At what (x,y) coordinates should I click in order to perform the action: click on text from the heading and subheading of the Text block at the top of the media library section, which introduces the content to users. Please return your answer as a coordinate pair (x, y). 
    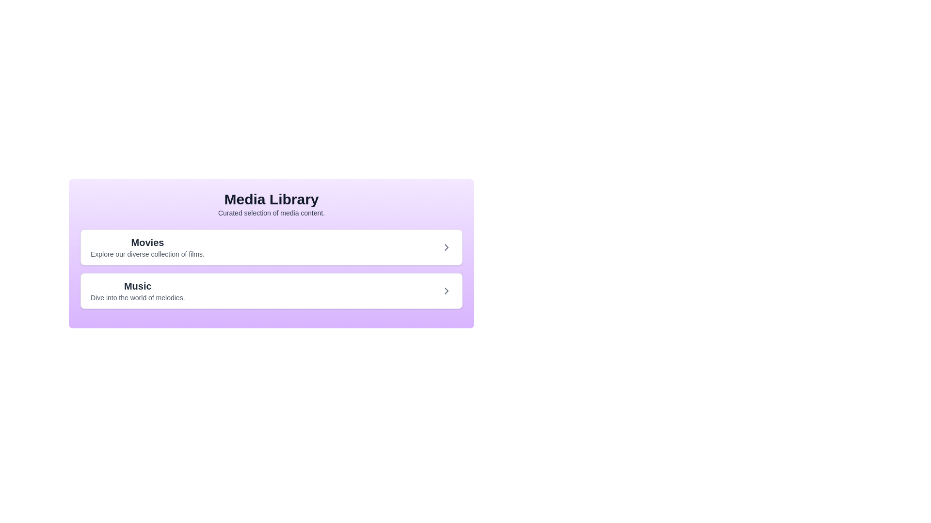
    Looking at the image, I should click on (272, 203).